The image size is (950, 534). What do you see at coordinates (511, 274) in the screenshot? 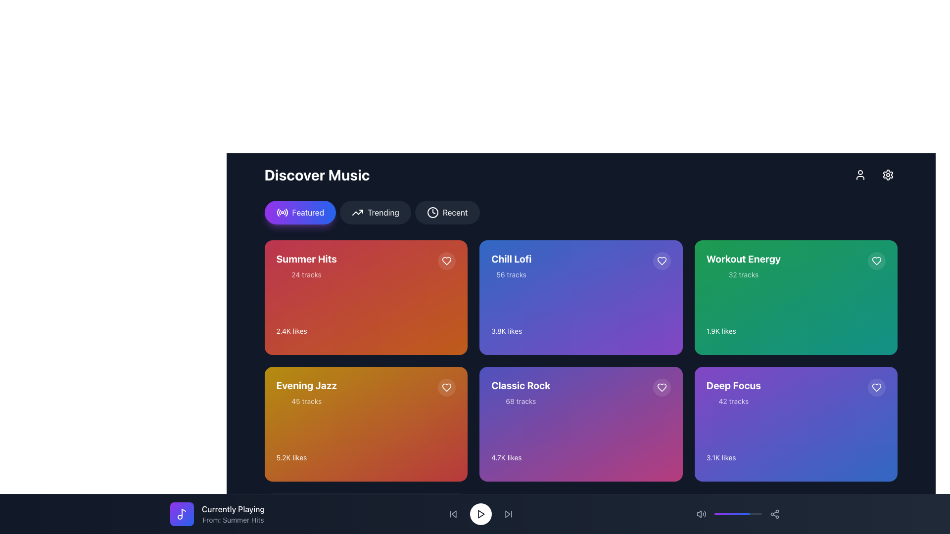
I see `text label displaying '56 tracks', which is located below the title 'Chill Lofi' in the card UI component with a purple gradient background` at bounding box center [511, 274].